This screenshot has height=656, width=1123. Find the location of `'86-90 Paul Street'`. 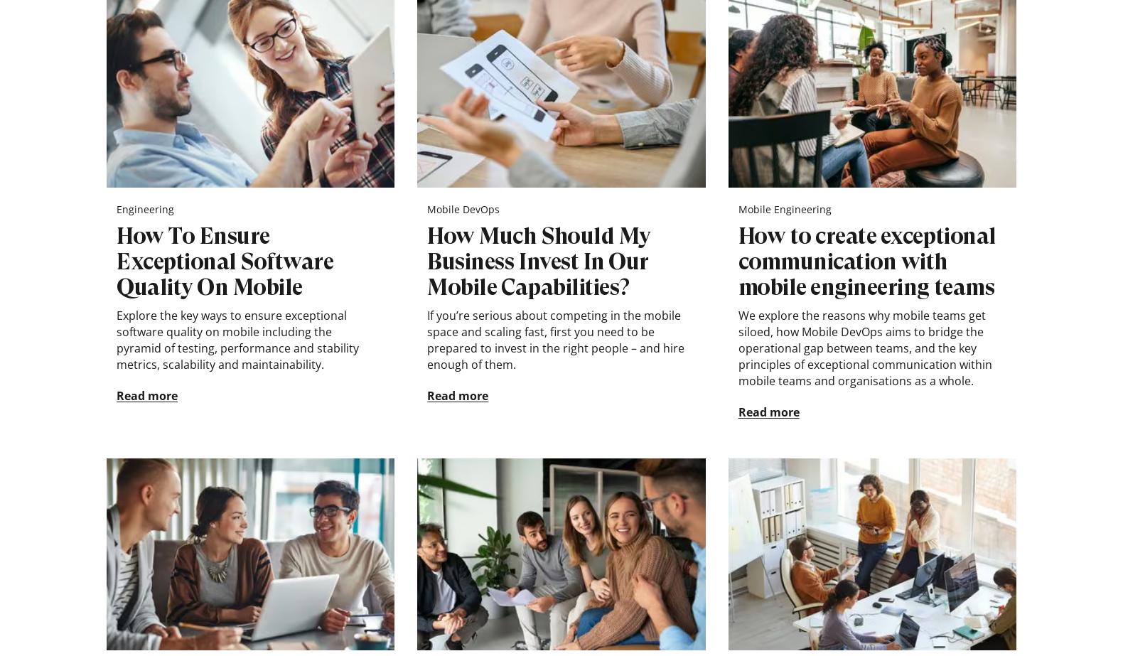

'86-90 Paul Street' is located at coordinates (146, 581).